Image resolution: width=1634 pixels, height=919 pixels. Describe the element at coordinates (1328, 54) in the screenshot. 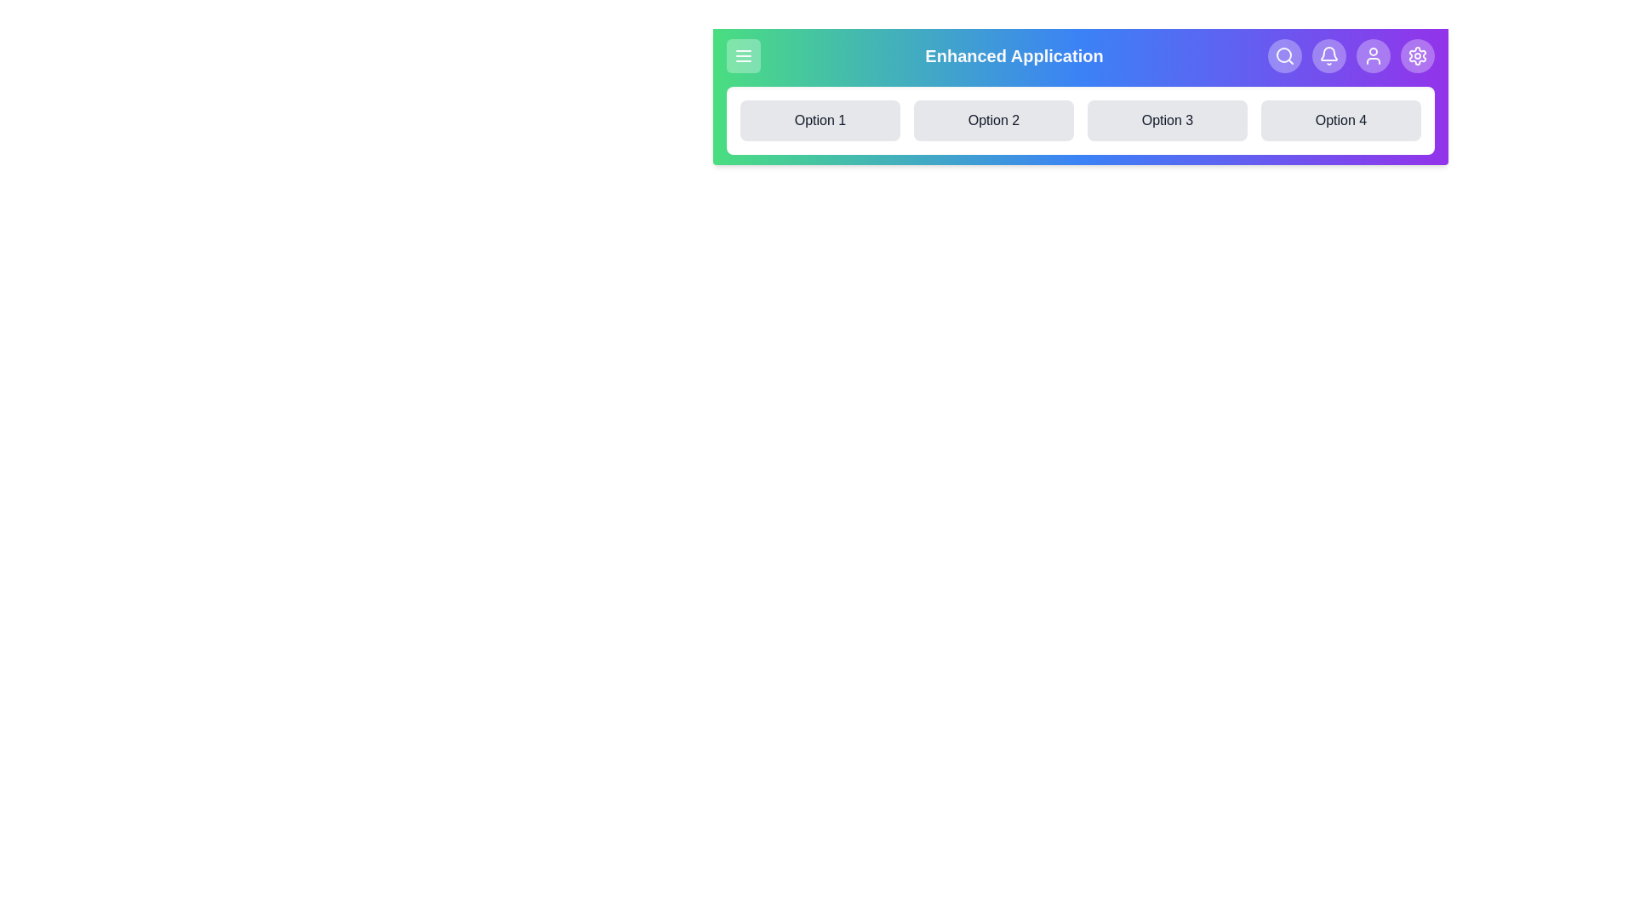

I see `the Notifications button in the navigation bar` at that location.